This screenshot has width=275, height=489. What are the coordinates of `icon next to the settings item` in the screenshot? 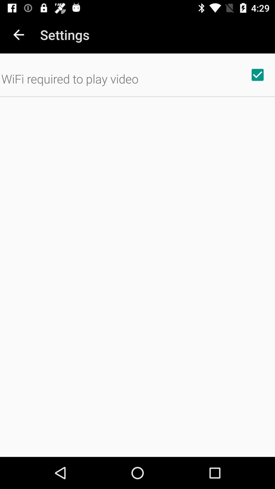 It's located at (18, 34).